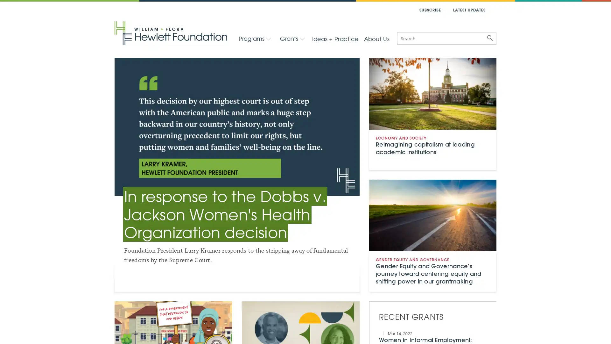 The height and width of the screenshot is (344, 611). What do you see at coordinates (292, 38) in the screenshot?
I see `Grants` at bounding box center [292, 38].